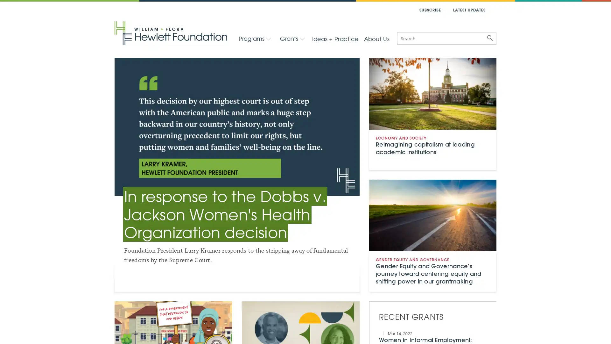 The height and width of the screenshot is (344, 611). What do you see at coordinates (292, 38) in the screenshot?
I see `Grants` at bounding box center [292, 38].